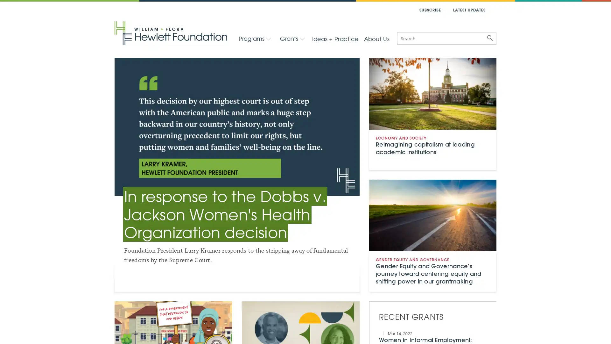 The height and width of the screenshot is (344, 611). What do you see at coordinates (292, 38) in the screenshot?
I see `Grants` at bounding box center [292, 38].